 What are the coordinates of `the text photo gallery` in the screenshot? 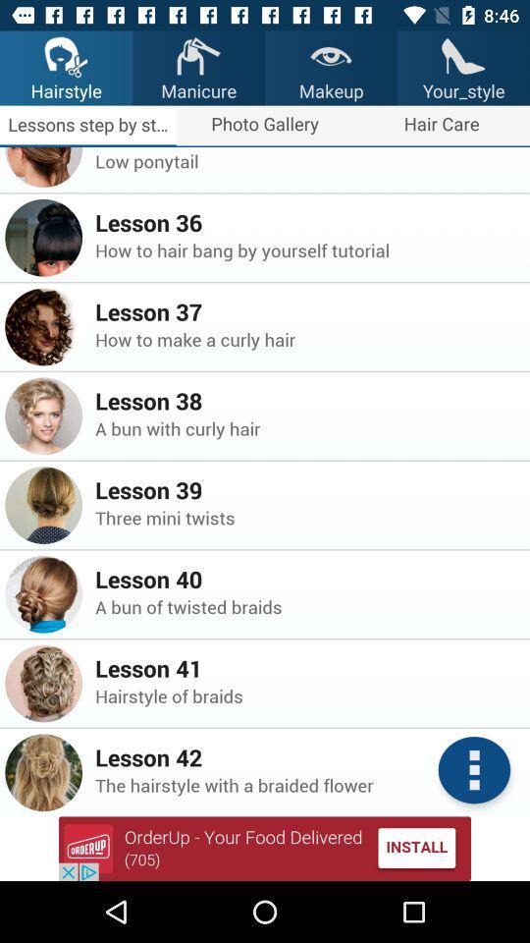 It's located at (265, 125).